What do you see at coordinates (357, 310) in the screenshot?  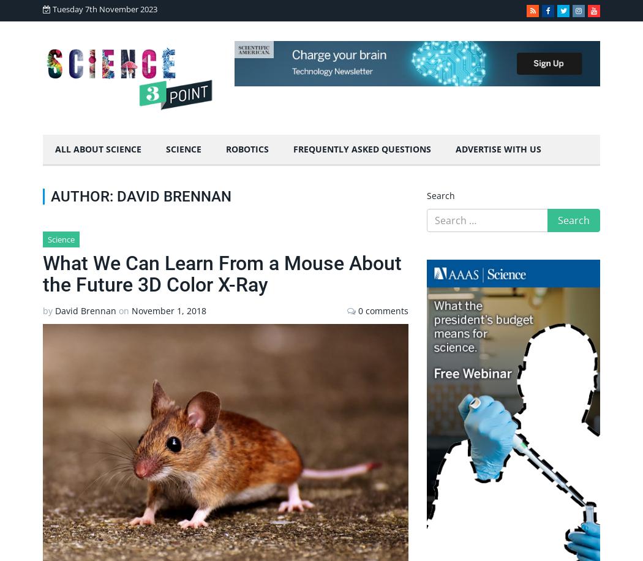 I see `'0 comments'` at bounding box center [357, 310].